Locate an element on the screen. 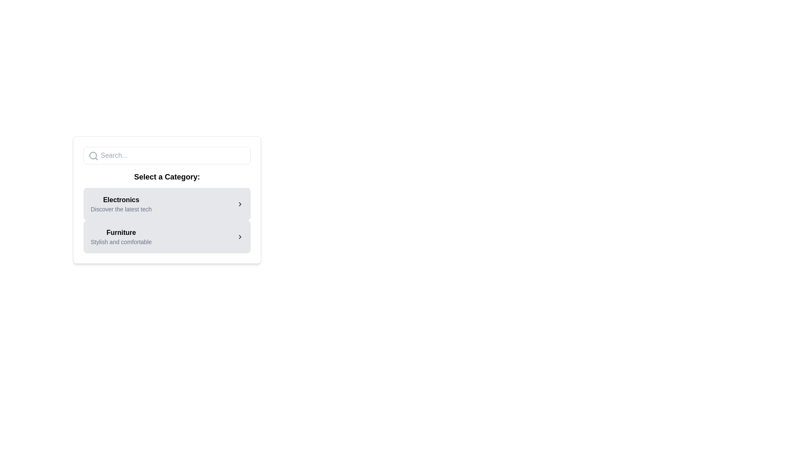  the search icon, which is a magnifying glass located in the top-left corner of the search bar, to initiate a search action is located at coordinates (93, 156).